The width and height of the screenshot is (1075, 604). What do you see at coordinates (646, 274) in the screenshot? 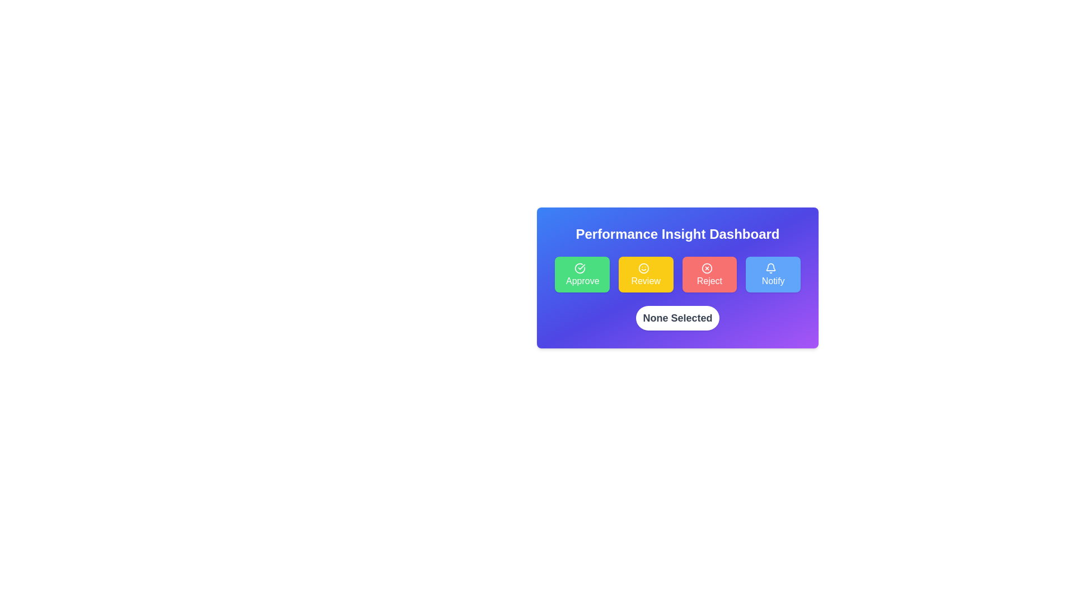
I see `the 'Review' button, which is the second button in a horizontal row of four buttons, positioned between the 'Approve' button on the left and the 'Reject' button on the right` at bounding box center [646, 274].